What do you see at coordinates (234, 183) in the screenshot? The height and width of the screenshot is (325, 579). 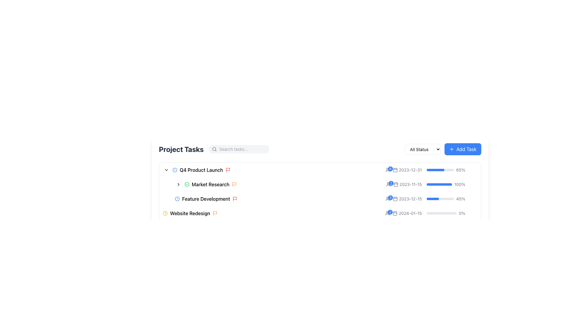 I see `the refined flag icon located to the right of the 'Market Research' sub-task in the project management section` at bounding box center [234, 183].